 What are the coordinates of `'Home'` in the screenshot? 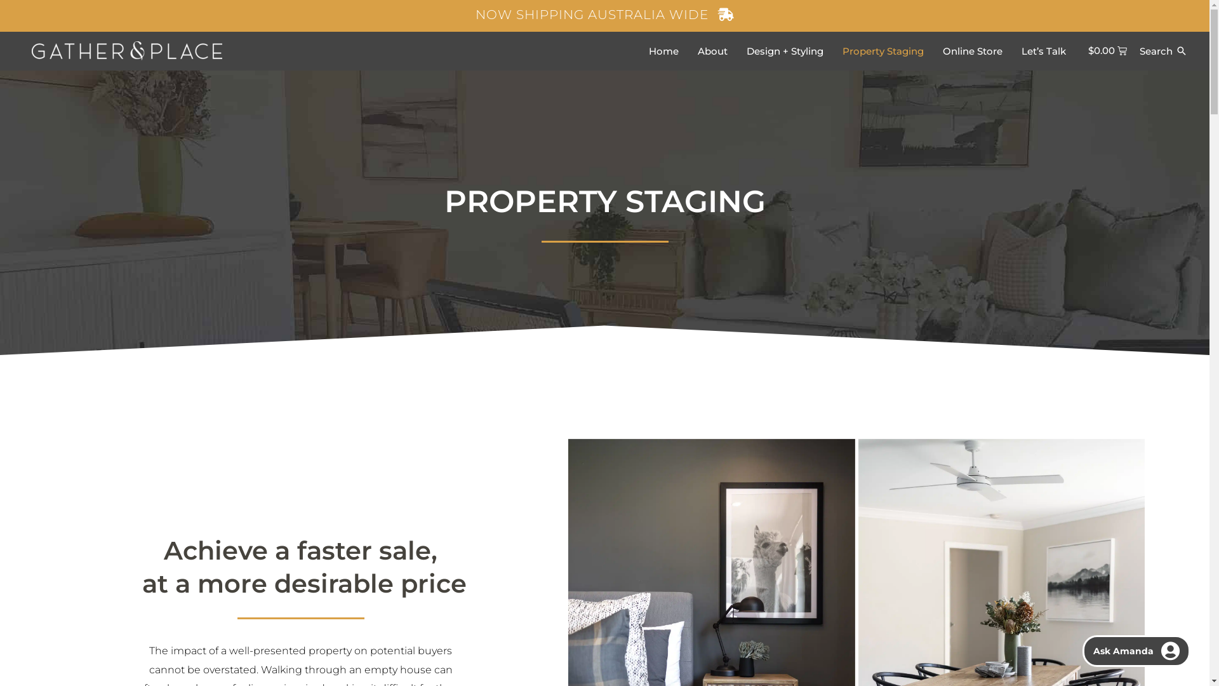 It's located at (662, 50).